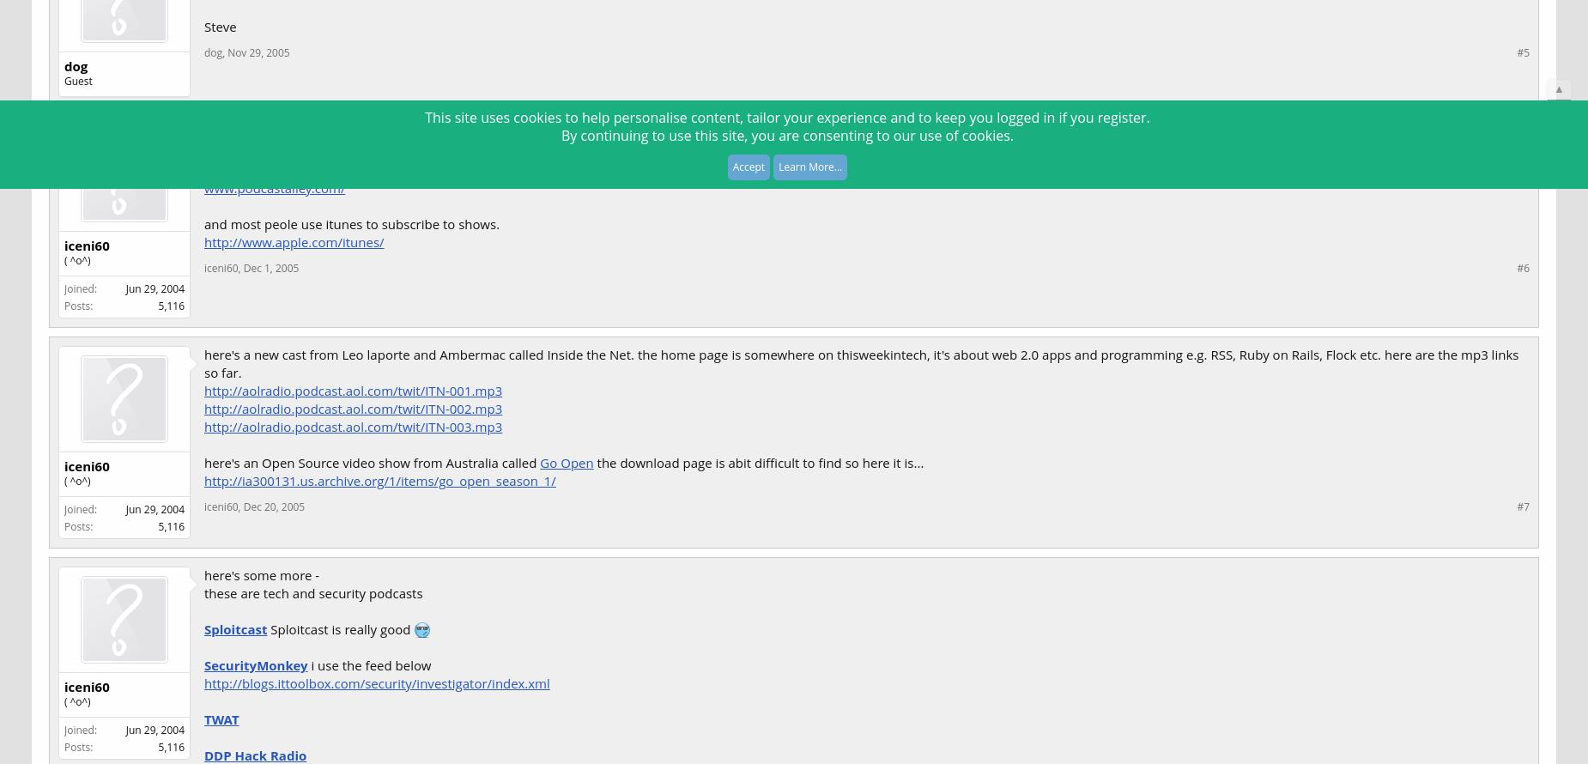  Describe the element at coordinates (257, 52) in the screenshot. I see `'Nov 29, 2005'` at that location.